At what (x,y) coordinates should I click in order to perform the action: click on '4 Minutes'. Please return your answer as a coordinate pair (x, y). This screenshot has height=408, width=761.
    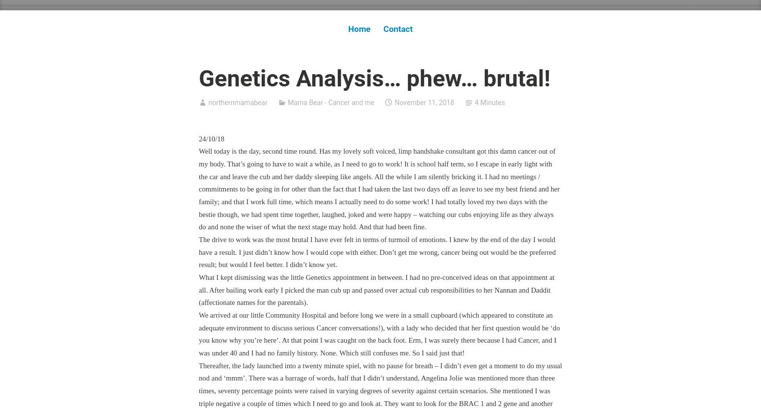
    Looking at the image, I should click on (489, 102).